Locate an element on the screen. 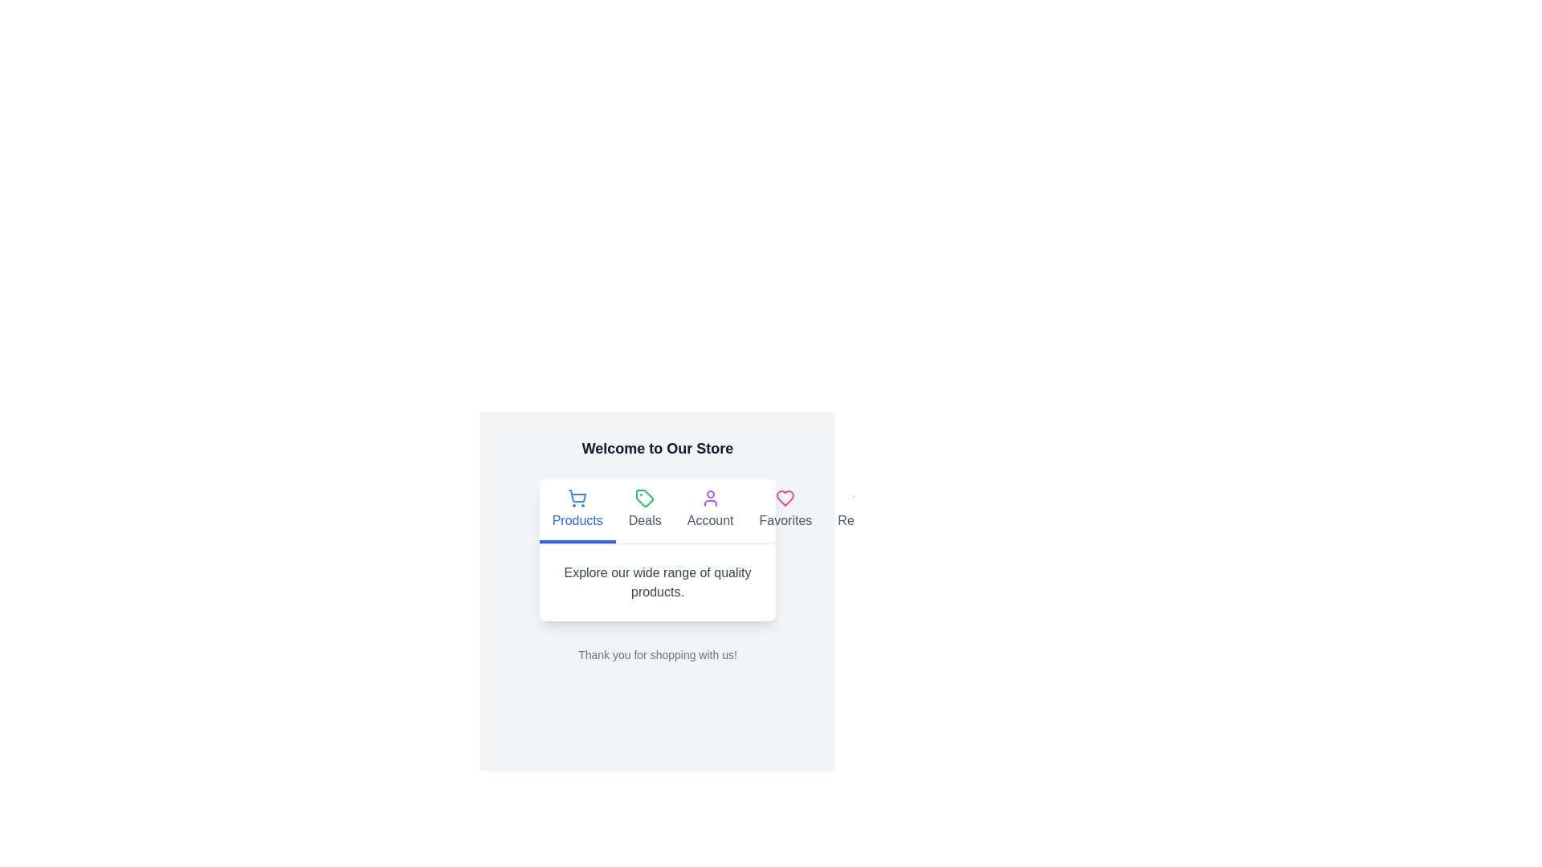  the heart icon with a pink outline located is located at coordinates (785, 498).